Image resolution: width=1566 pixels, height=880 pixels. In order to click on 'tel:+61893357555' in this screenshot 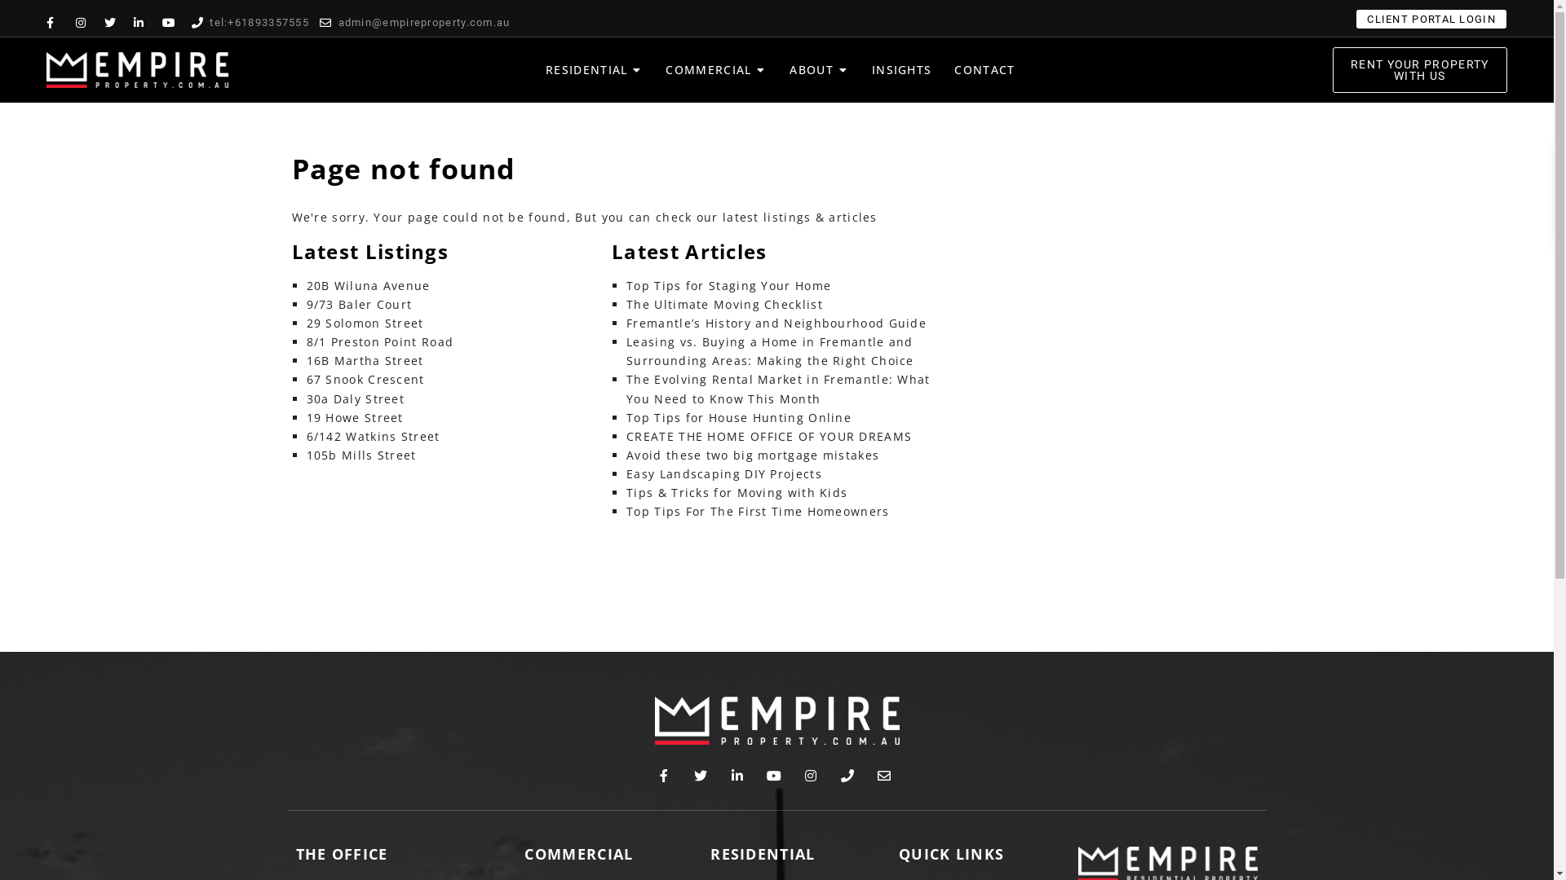, I will do `click(250, 22)`.